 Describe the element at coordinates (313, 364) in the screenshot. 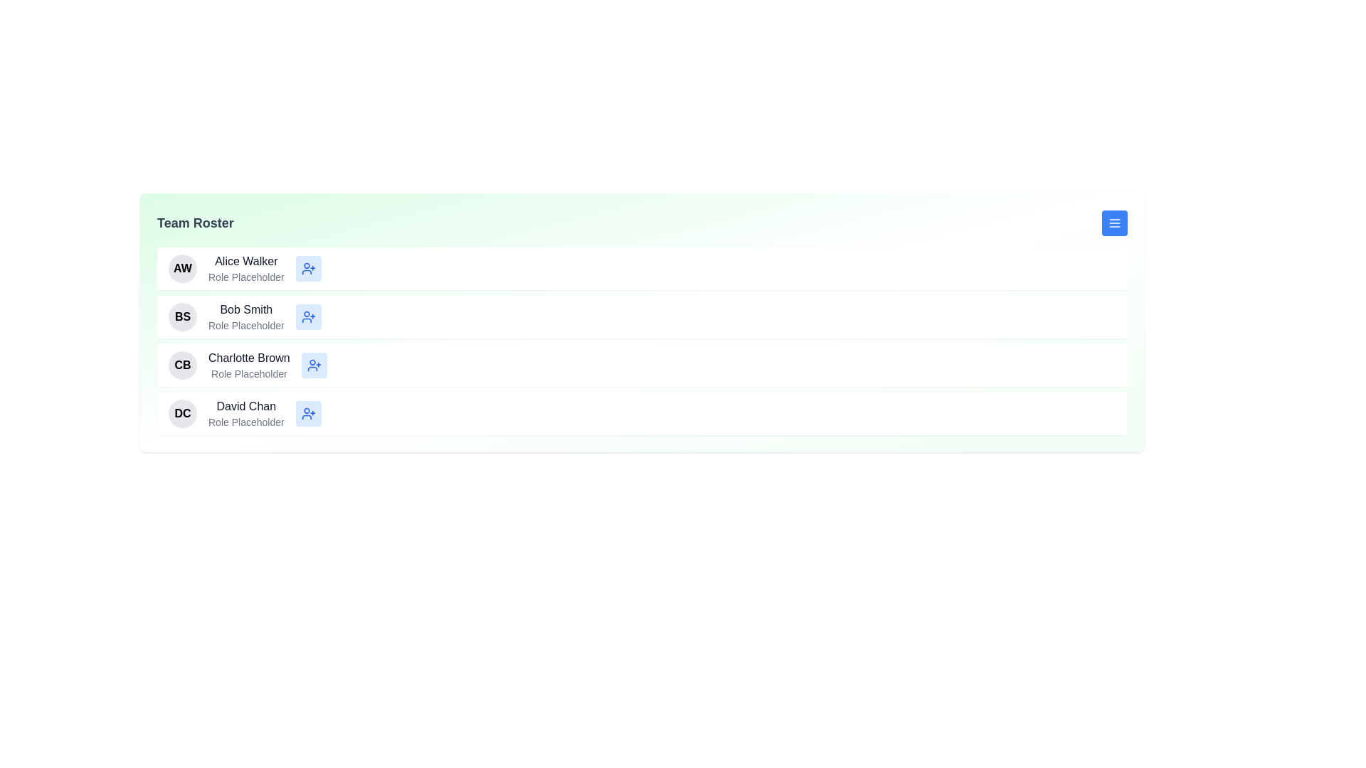

I see `the rectangular button with a light blue background featuring a user icon and plus sign, located next to 'Charlotte Brown' in the third row` at that location.